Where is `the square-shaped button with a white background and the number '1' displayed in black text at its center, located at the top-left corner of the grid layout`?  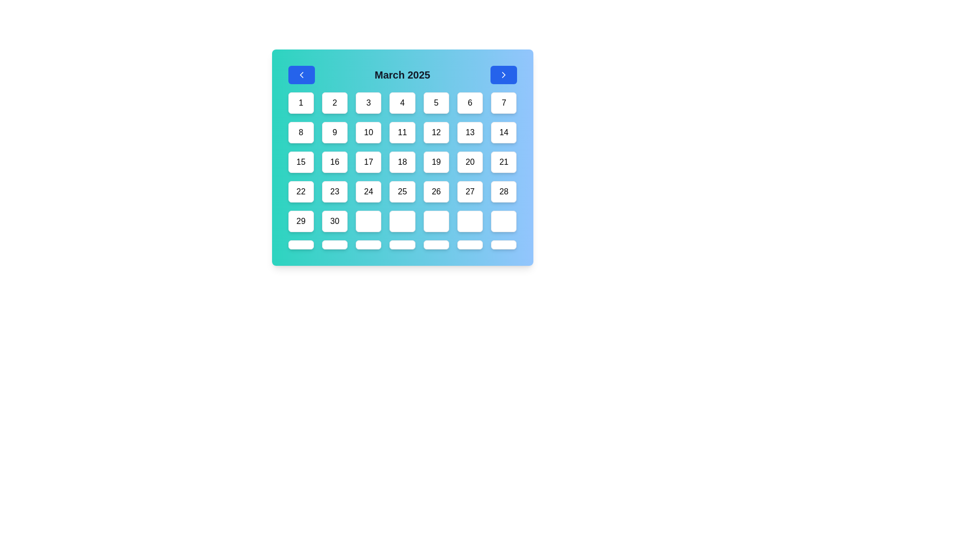 the square-shaped button with a white background and the number '1' displayed in black text at its center, located at the top-left corner of the grid layout is located at coordinates (300, 103).